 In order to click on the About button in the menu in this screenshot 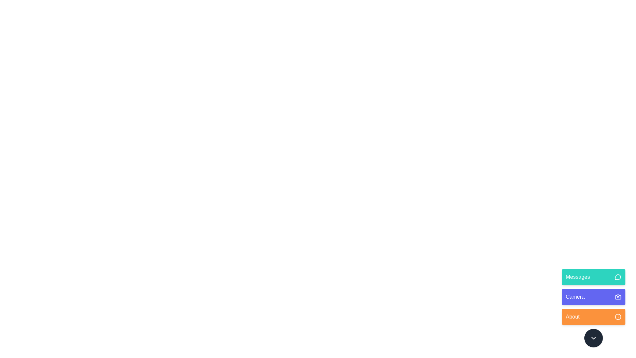, I will do `click(593, 317)`.